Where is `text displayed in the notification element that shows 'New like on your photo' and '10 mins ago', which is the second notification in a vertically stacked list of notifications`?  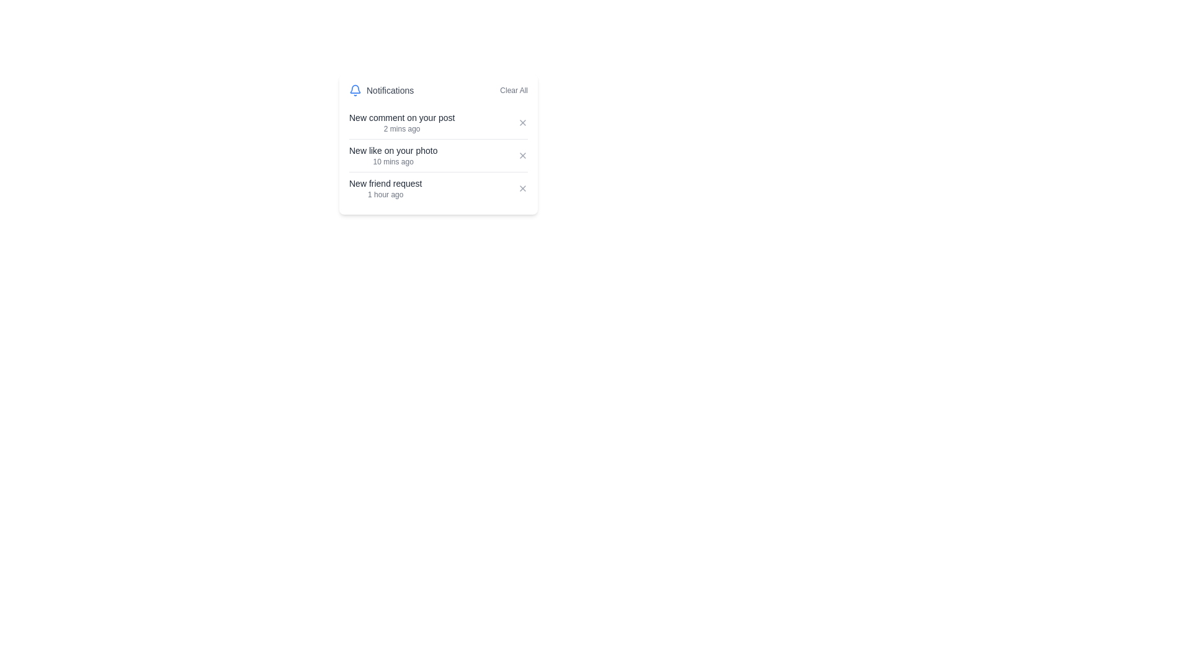 text displayed in the notification element that shows 'New like on your photo' and '10 mins ago', which is the second notification in a vertically stacked list of notifications is located at coordinates (393, 154).